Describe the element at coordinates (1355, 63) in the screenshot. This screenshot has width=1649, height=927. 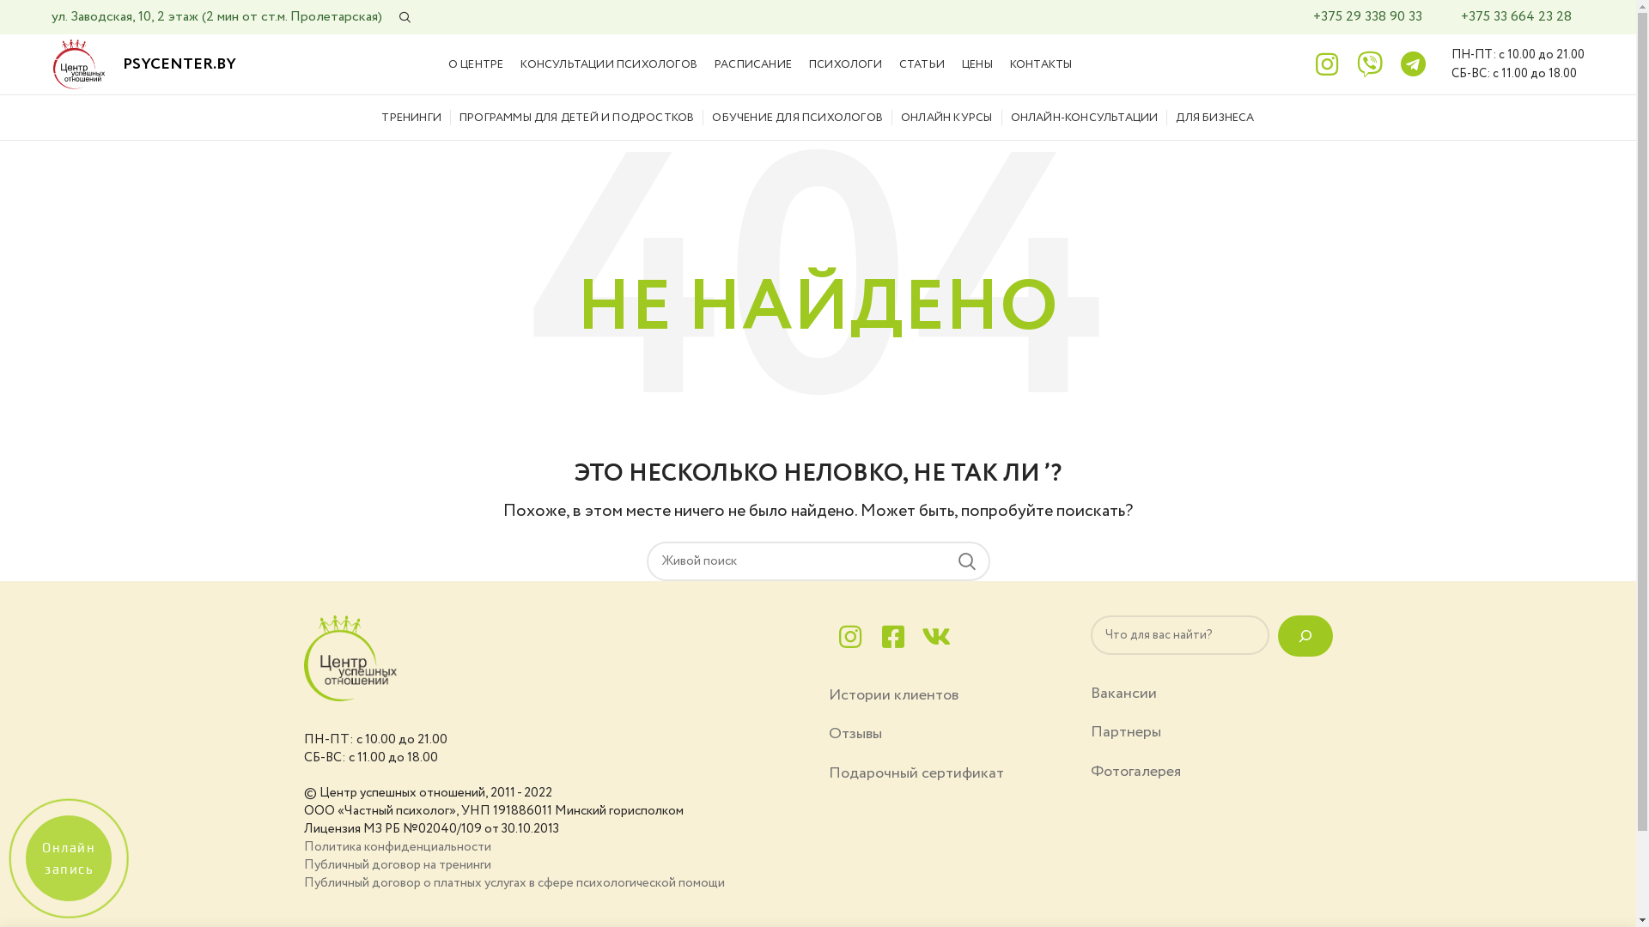
I see `'viber'` at that location.